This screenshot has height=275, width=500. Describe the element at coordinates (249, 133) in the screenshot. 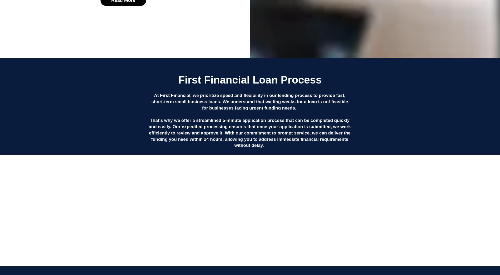

I see `'That's why we offer a streamlined 5-minute application process that can be completed quickly and easily. Our expedited processing ensures that once your application is submitted, we work efficiently to review and approve it. With our commitment to prompt service, we can deliver the funding you need within 24 hours, allowing you to address immediate financial requirements without delay.'` at that location.